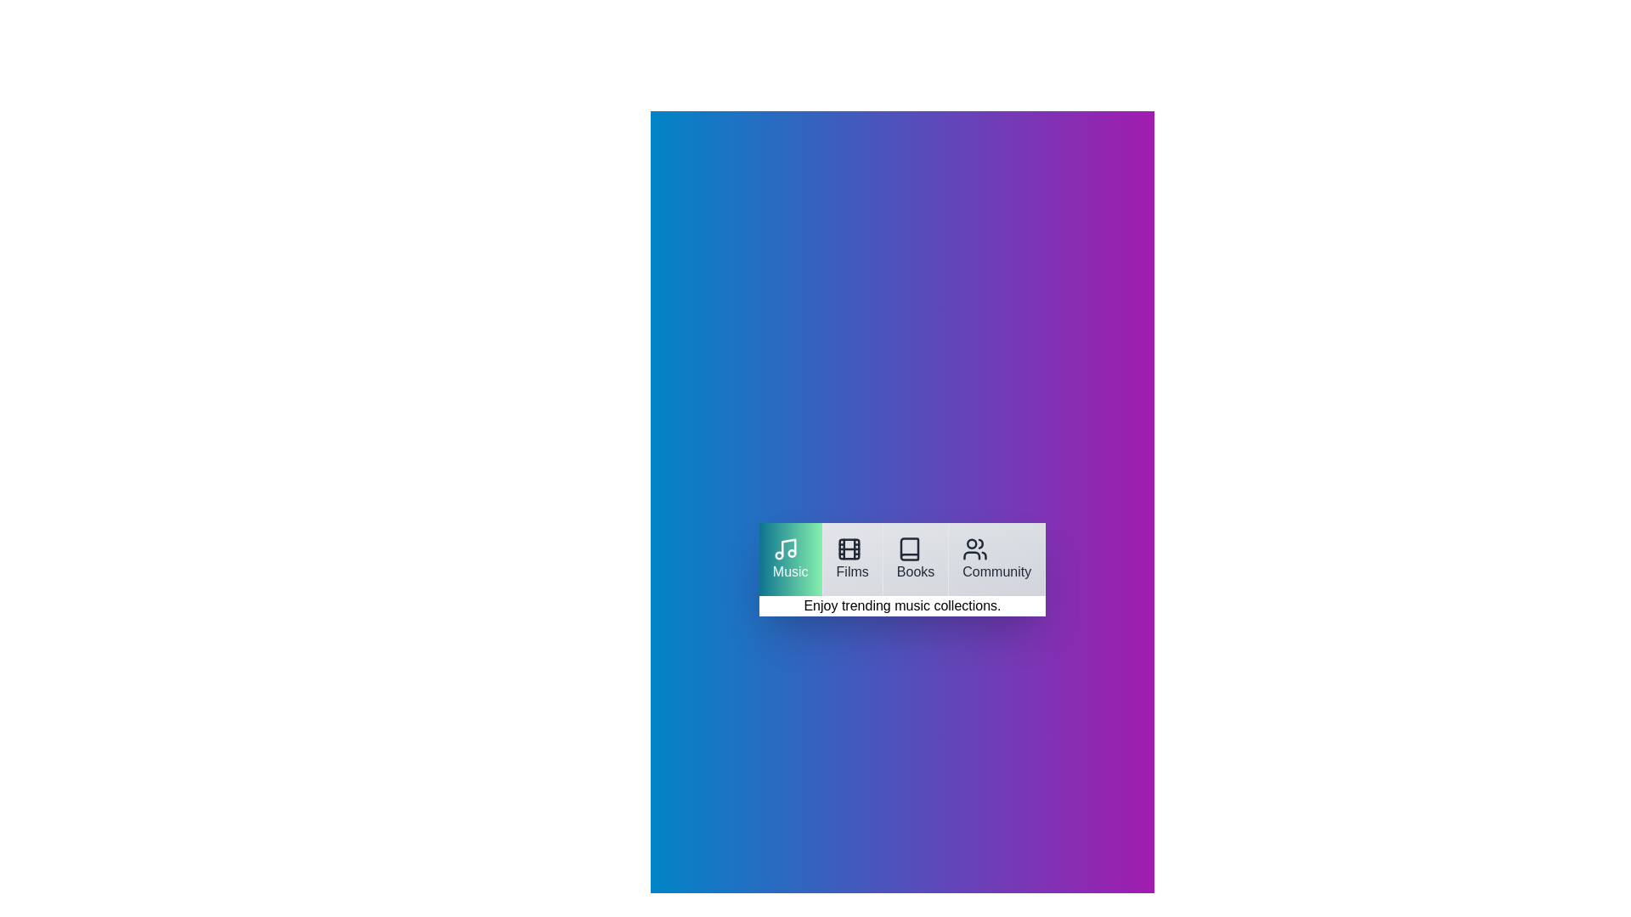 This screenshot has width=1631, height=917. What do you see at coordinates (997, 560) in the screenshot?
I see `the button located on the far right of a horizontal group of four buttons, positioned to the right of the 'Books' button` at bounding box center [997, 560].